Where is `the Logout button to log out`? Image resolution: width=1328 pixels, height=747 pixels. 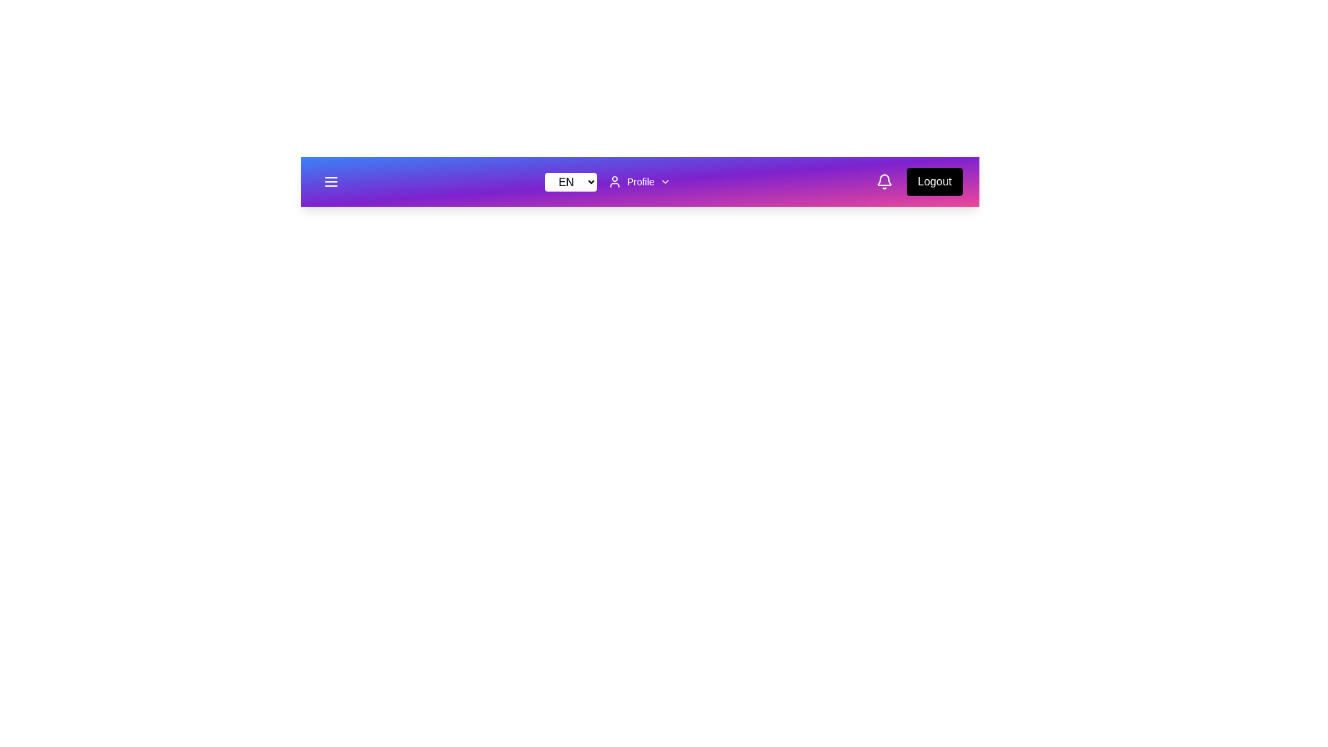 the Logout button to log out is located at coordinates (934, 181).